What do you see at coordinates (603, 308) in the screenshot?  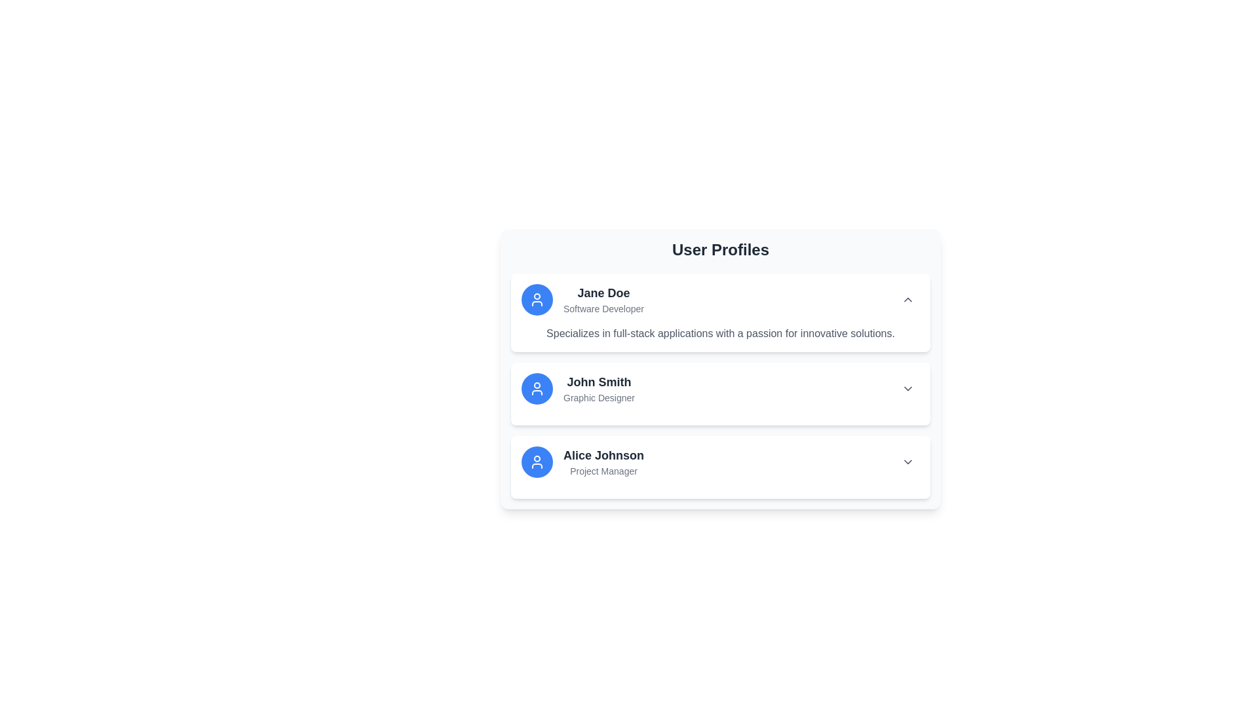 I see `the job title text label associated with user 'Jane Doe', located beneath the larger name text within the user profile card` at bounding box center [603, 308].